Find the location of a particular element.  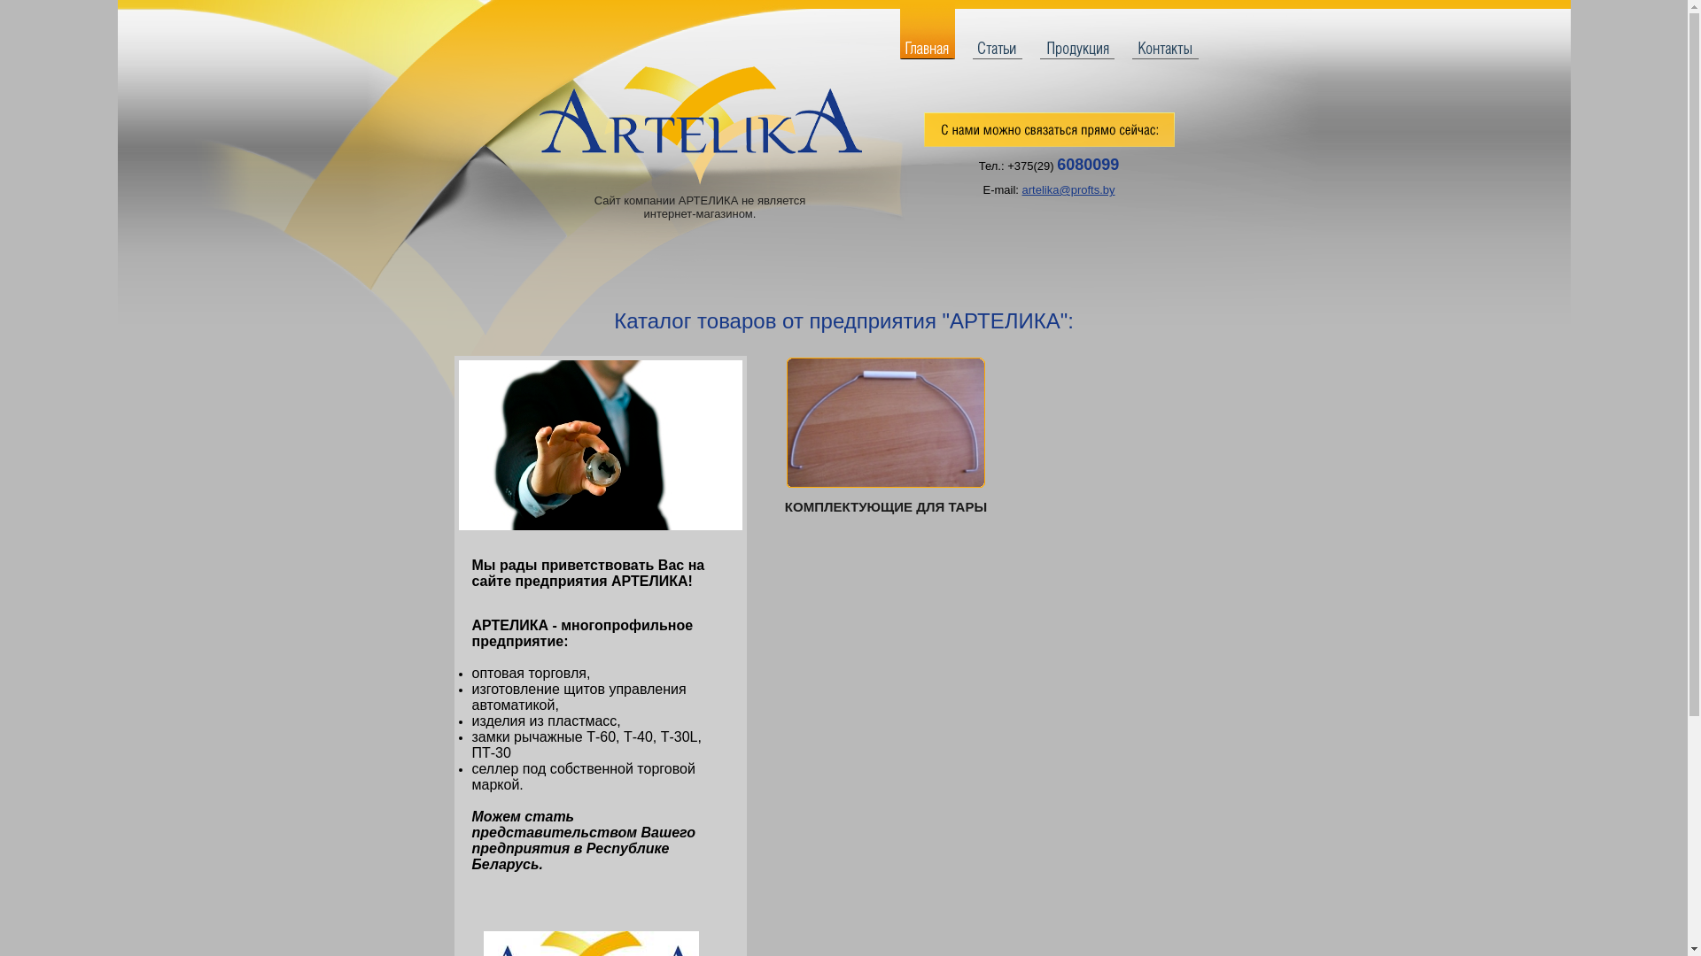

'artelika@profts.by' is located at coordinates (1068, 189).